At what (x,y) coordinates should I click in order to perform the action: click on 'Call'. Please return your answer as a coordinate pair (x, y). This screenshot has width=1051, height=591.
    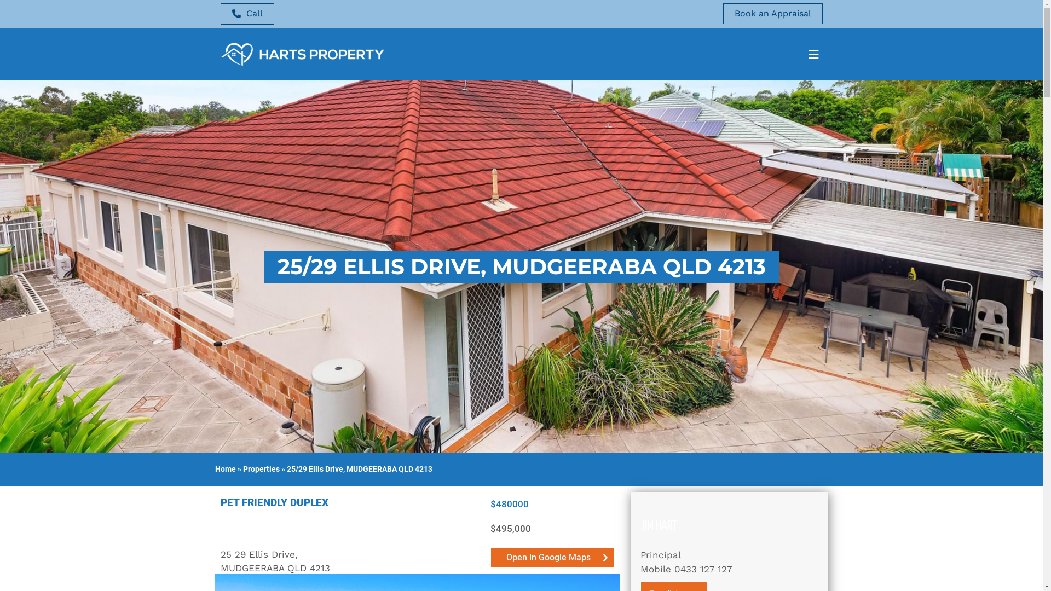
    Looking at the image, I should click on (220, 14).